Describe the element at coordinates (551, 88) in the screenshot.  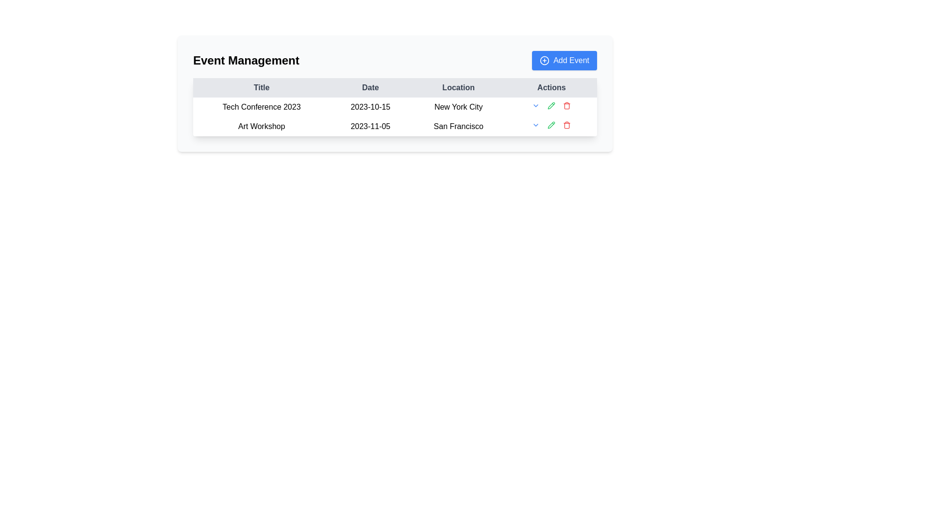
I see `the Table Header Cell indicating the 'Actions' column in the data table, which is the fourth element in the header row and positioned to the right of 'Location'` at that location.